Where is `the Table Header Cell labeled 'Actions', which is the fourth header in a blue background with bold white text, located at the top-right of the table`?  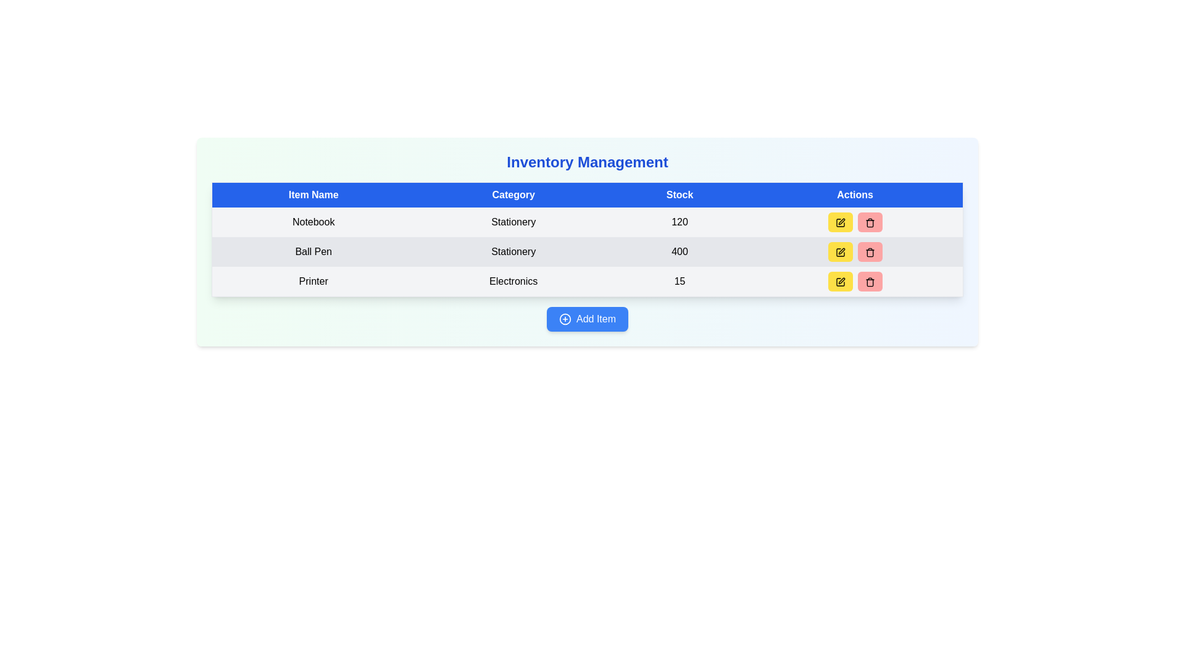
the Table Header Cell labeled 'Actions', which is the fourth header in a blue background with bold white text, located at the top-right of the table is located at coordinates (854, 195).